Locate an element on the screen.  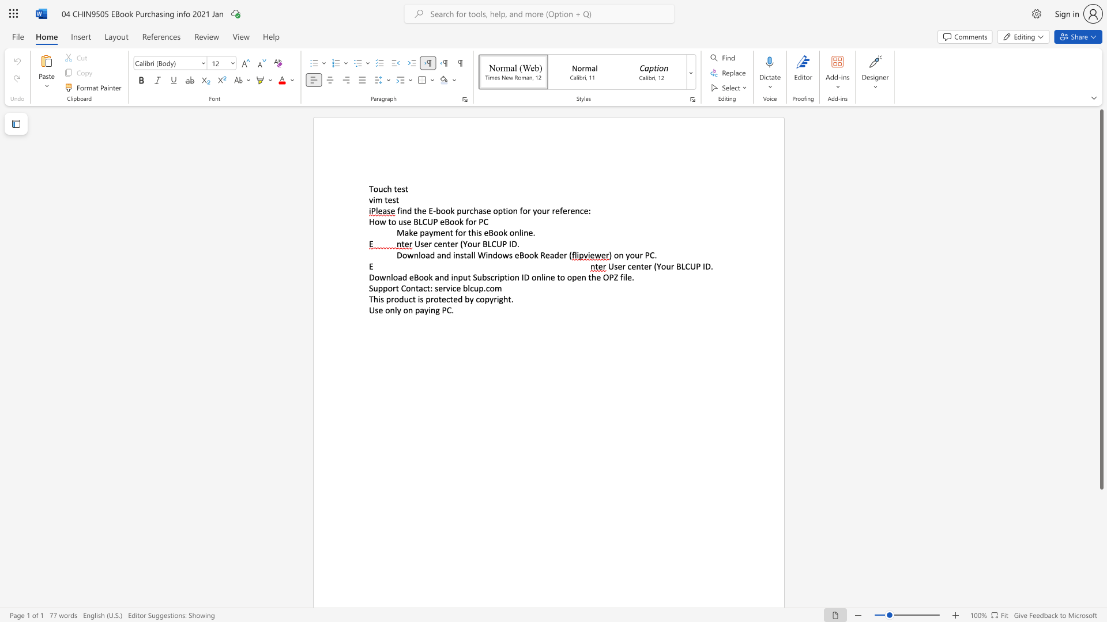
the subset text "nter (Y" within the text "User center (Your BLCUP ID." is located at coordinates (442, 243).